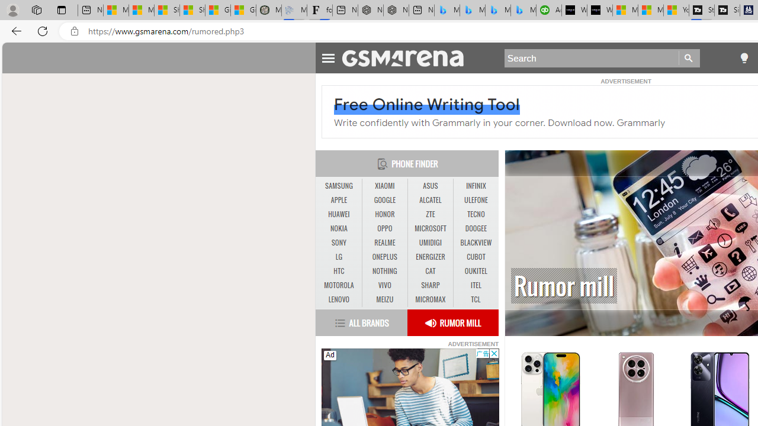  What do you see at coordinates (338, 286) in the screenshot?
I see `'MOTOROLA'` at bounding box center [338, 286].